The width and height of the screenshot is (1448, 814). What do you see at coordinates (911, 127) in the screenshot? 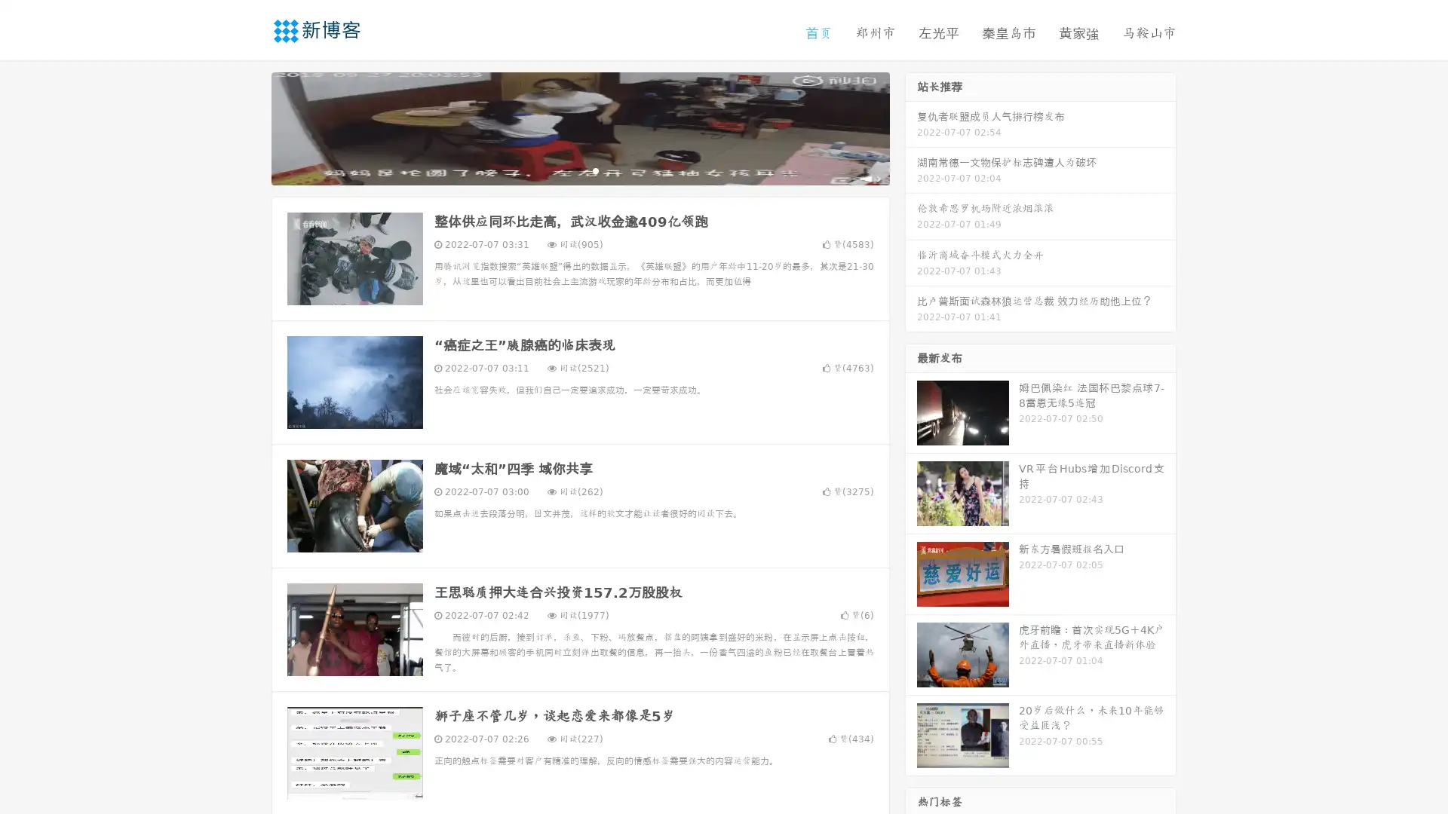
I see `Next slide` at bounding box center [911, 127].